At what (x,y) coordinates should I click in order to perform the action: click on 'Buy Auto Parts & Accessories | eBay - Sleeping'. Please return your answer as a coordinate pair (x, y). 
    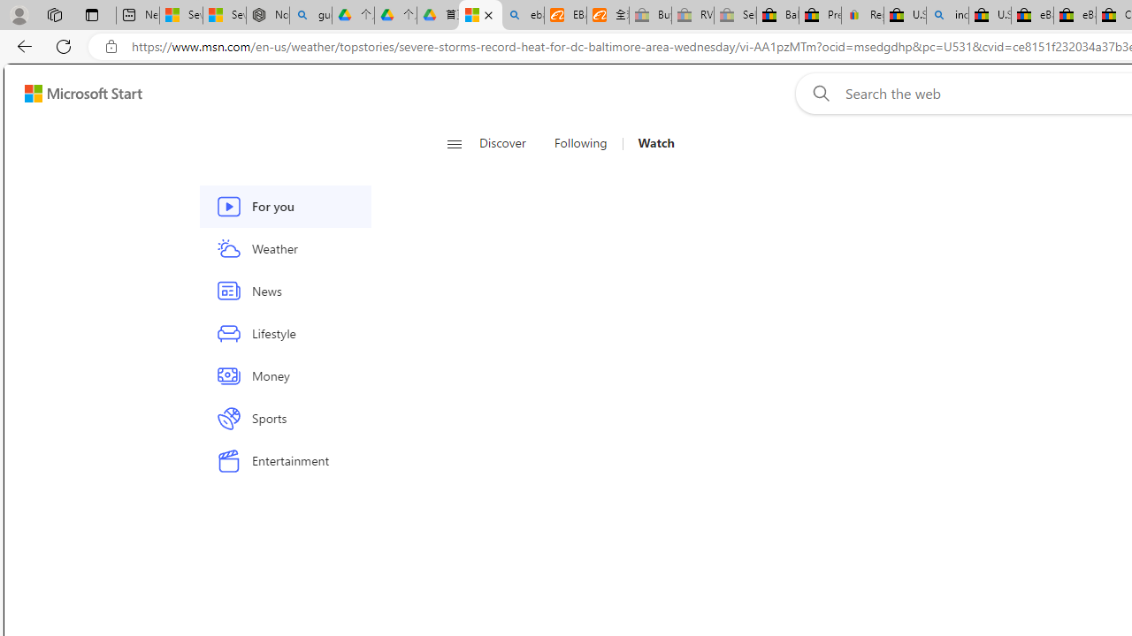
    Looking at the image, I should click on (649, 15).